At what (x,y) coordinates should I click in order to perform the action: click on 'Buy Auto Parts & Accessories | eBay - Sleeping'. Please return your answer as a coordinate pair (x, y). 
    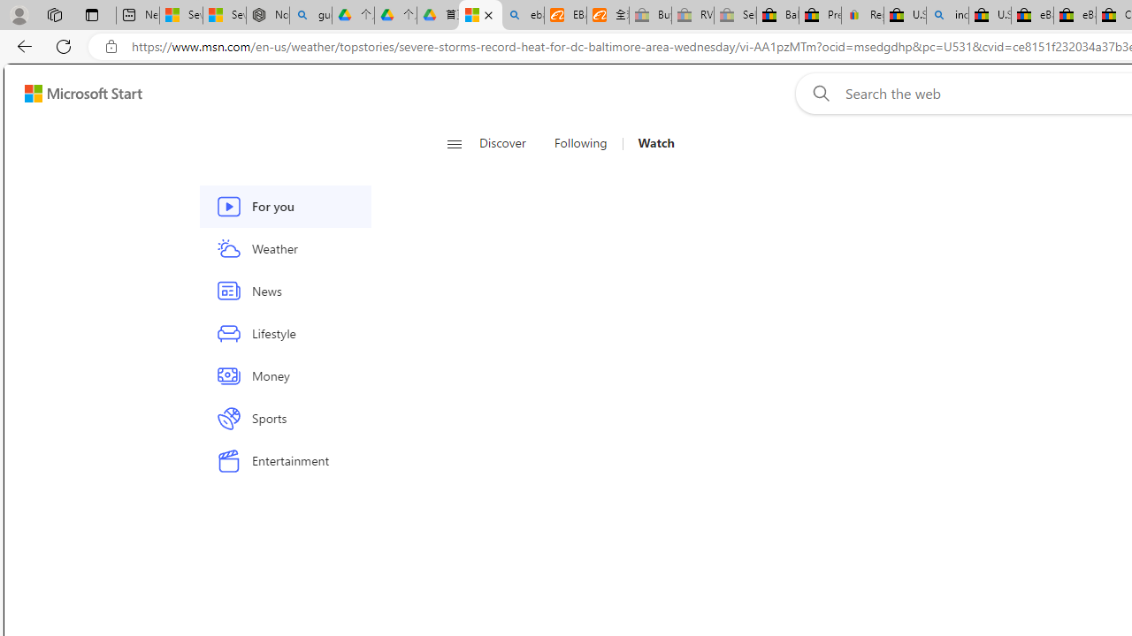
    Looking at the image, I should click on (649, 15).